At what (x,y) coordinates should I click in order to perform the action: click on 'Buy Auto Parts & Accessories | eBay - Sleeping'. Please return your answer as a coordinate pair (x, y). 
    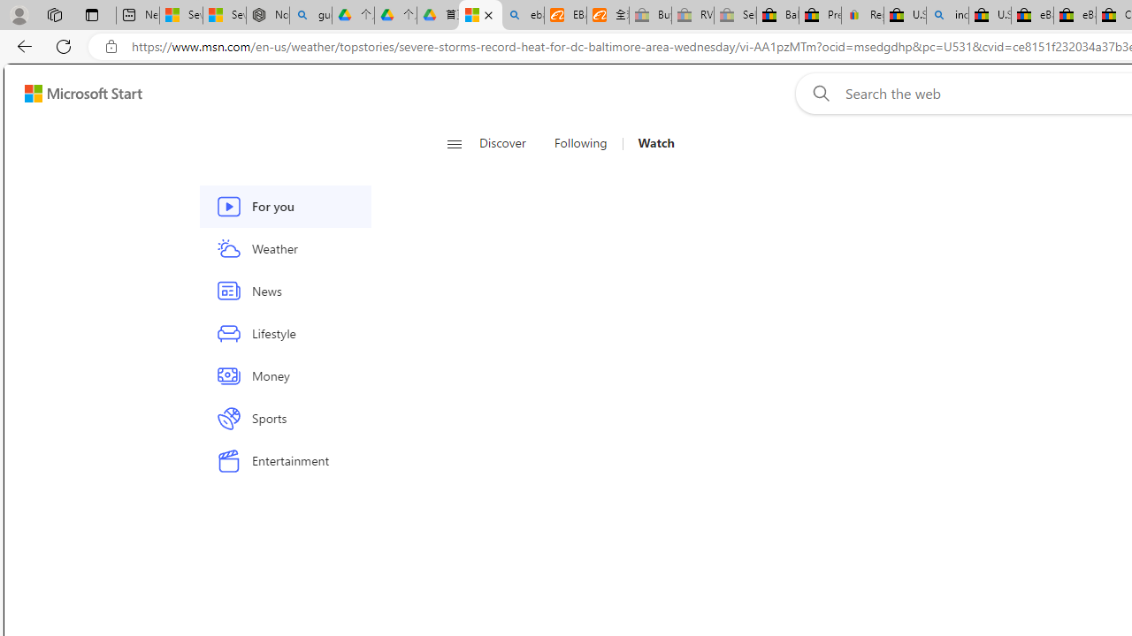
    Looking at the image, I should click on (649, 15).